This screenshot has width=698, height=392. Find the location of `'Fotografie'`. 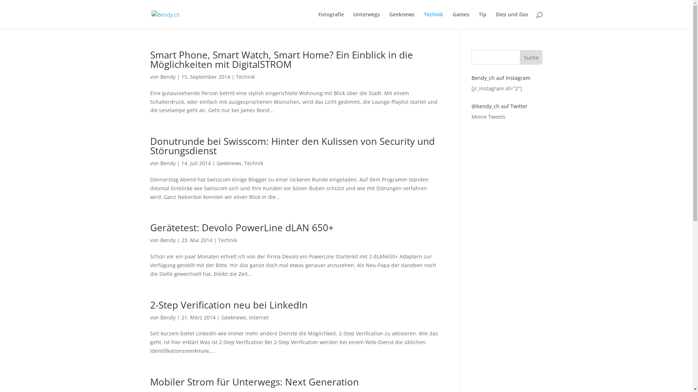

'Fotografie' is located at coordinates (331, 20).